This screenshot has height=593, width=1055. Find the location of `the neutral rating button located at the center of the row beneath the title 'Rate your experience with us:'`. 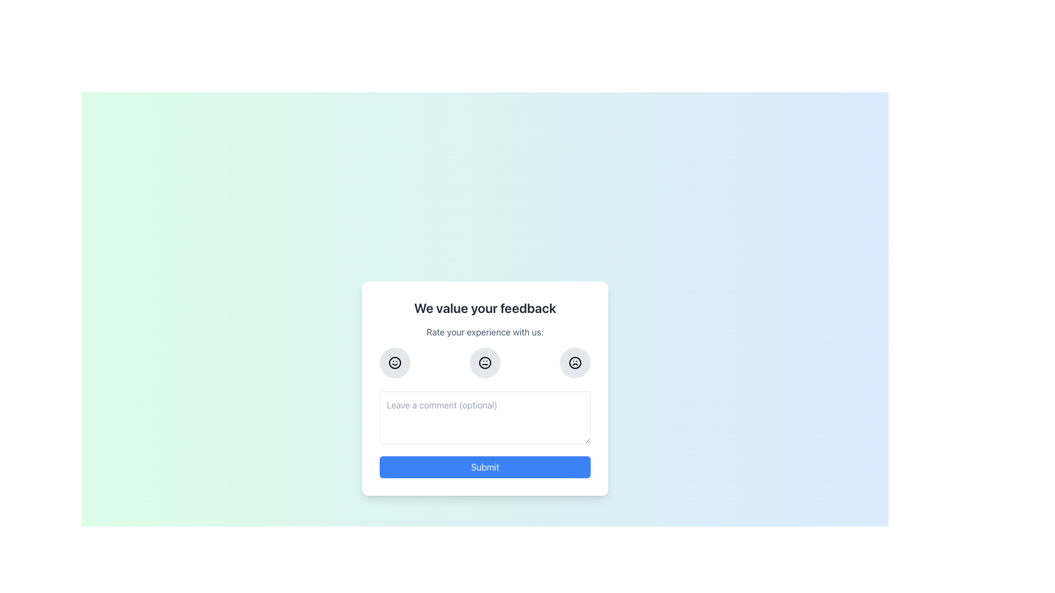

the neutral rating button located at the center of the row beneath the title 'Rate your experience with us:' is located at coordinates (485, 362).